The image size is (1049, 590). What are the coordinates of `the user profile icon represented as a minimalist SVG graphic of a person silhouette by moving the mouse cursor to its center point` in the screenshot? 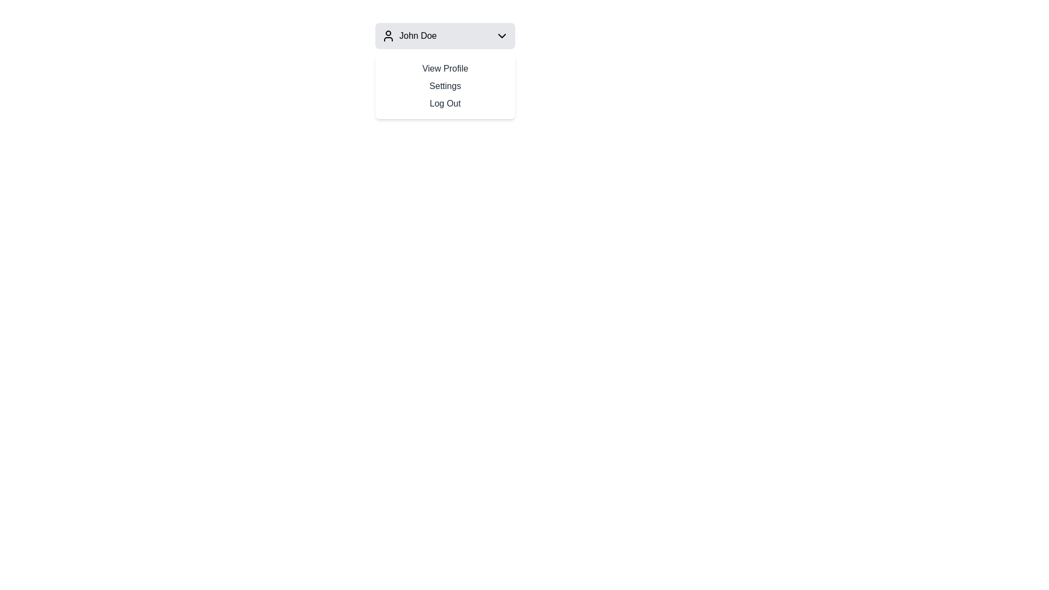 It's located at (388, 35).